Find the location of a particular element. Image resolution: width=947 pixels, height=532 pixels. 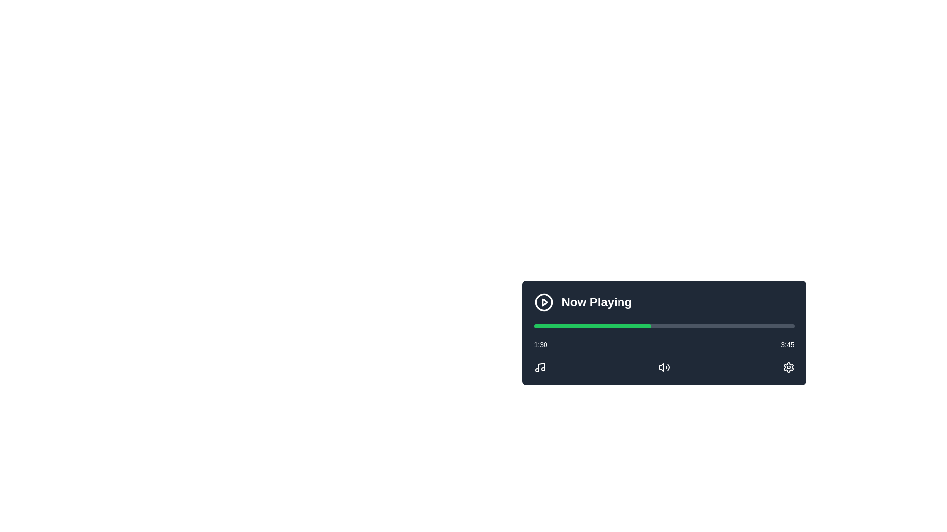

playback position is located at coordinates (560, 326).